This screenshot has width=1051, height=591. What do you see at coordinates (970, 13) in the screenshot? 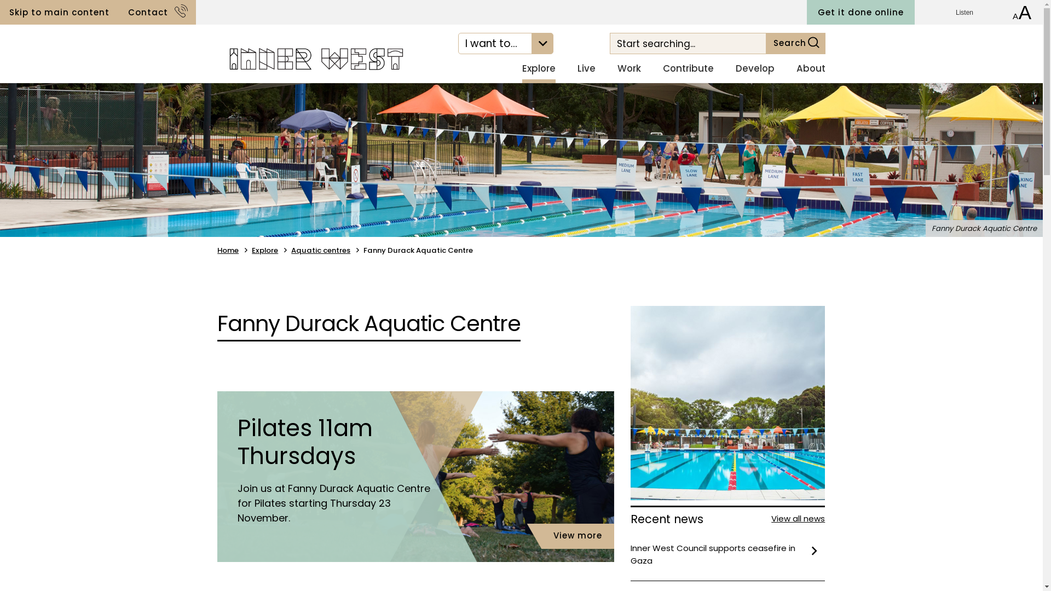
I see `'Listen'` at bounding box center [970, 13].